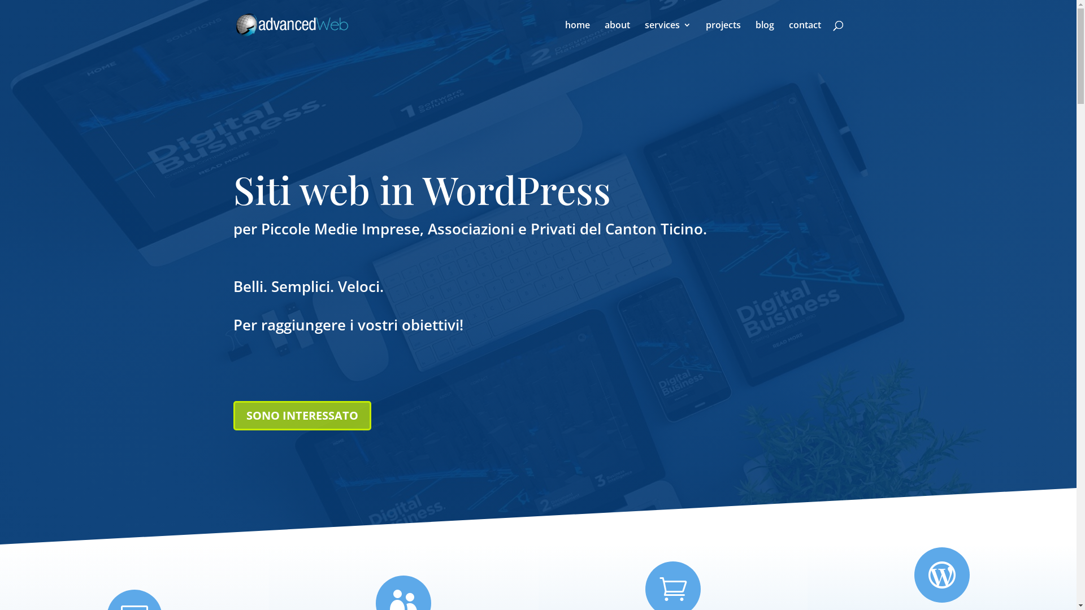  I want to click on 'about', so click(617, 34).